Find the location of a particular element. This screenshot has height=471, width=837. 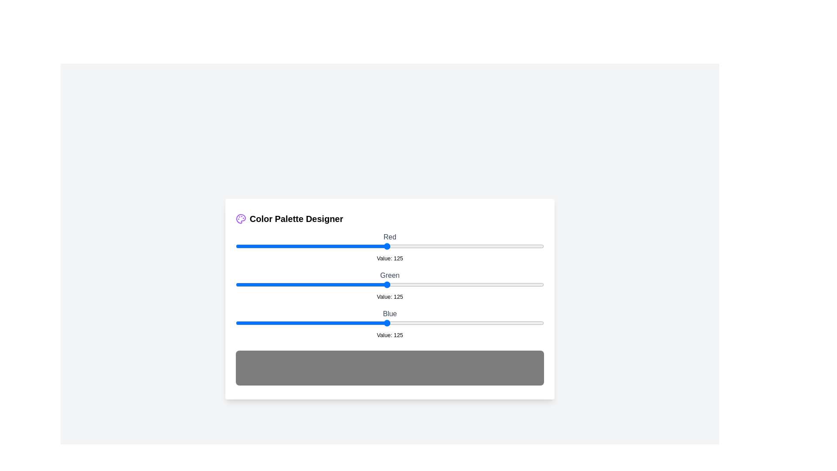

the 1 slider to 69 is located at coordinates (319, 284).